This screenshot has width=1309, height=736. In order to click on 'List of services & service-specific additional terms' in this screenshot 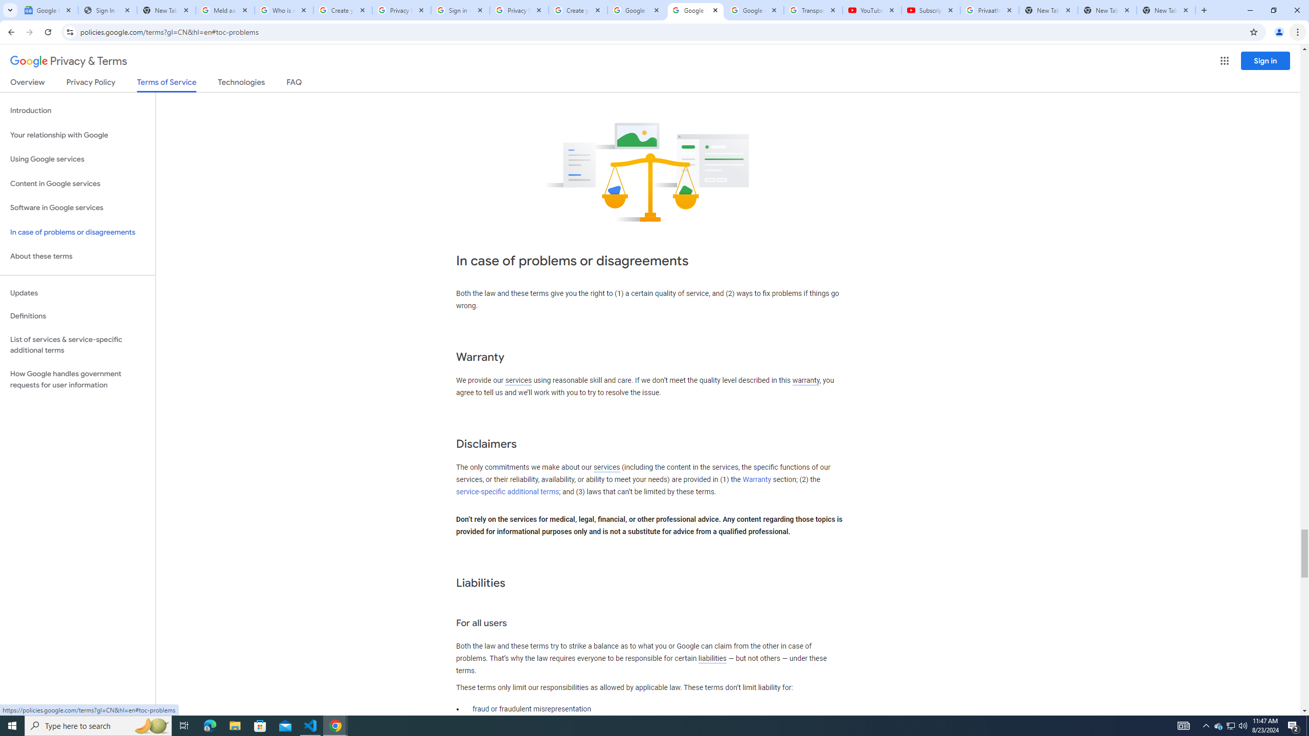, I will do `click(77, 344)`.